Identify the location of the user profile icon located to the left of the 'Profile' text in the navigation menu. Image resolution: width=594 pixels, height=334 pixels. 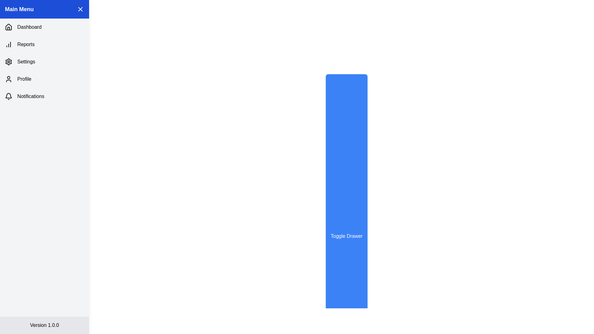
(9, 79).